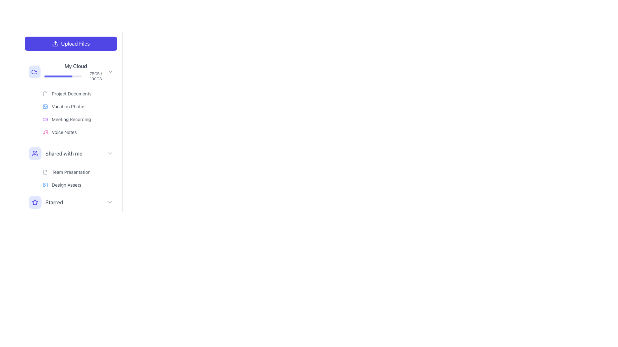  Describe the element at coordinates (71, 43) in the screenshot. I see `the file upload button located at the top of the sidebar menu` at that location.